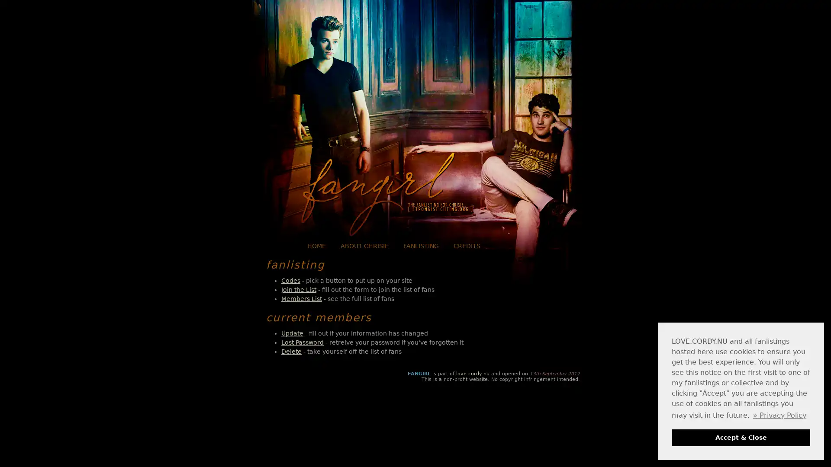 Image resolution: width=831 pixels, height=467 pixels. Describe the element at coordinates (741, 437) in the screenshot. I see `dismiss cookie message` at that location.